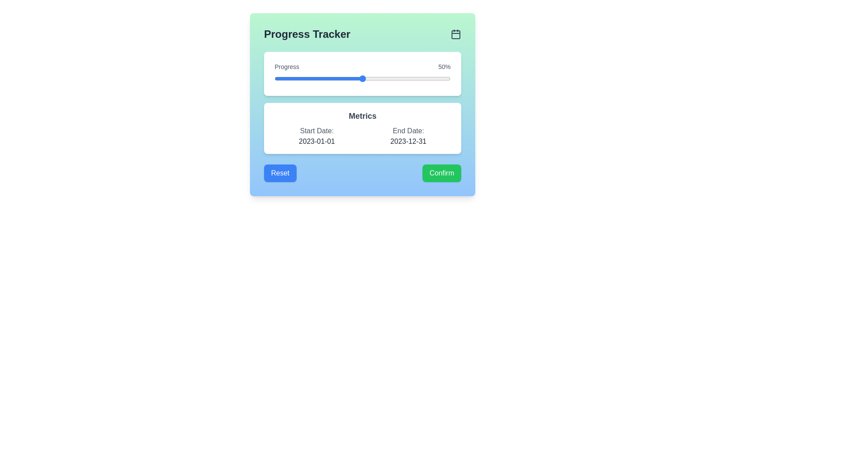  I want to click on the slider value, so click(426, 78).